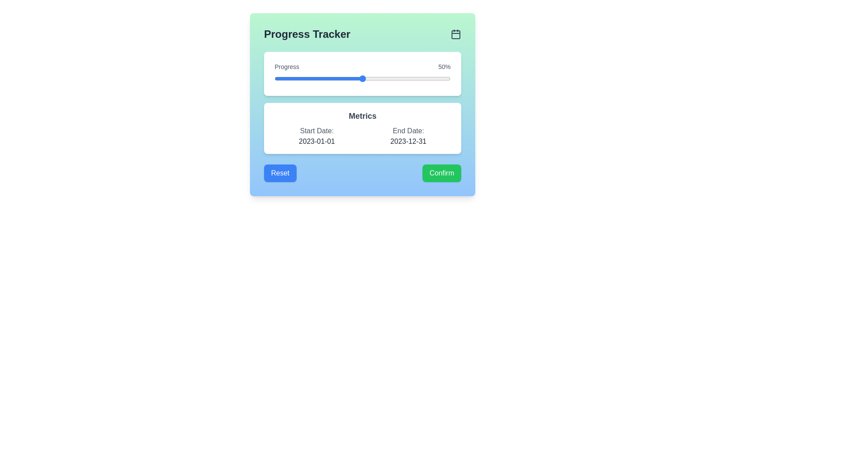  I want to click on the slider value, so click(426, 78).